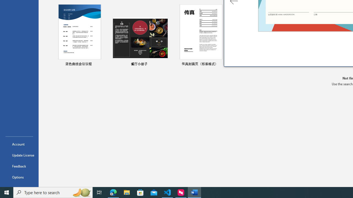 The image size is (353, 198). I want to click on 'File Explorer', so click(127, 192).